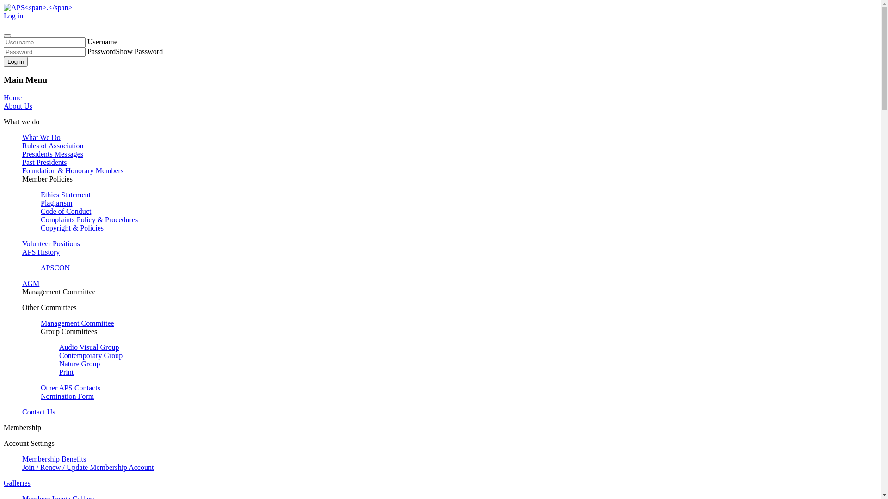 The image size is (888, 499). Describe the element at coordinates (41, 137) in the screenshot. I see `'What We Do'` at that location.